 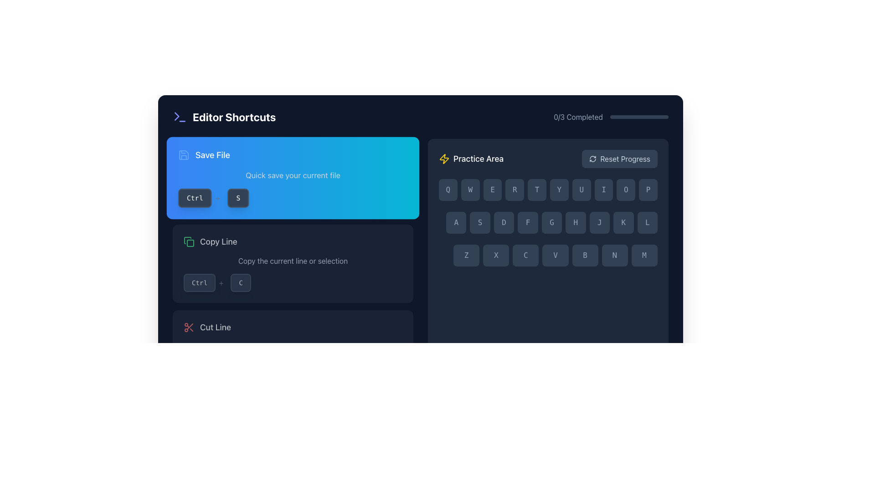 What do you see at coordinates (623, 223) in the screenshot?
I see `the virtual key labeled 'K', which is the eighth key in a row of nine keys in a grid layout, positioned between the 'J' key and the 'L' key` at bounding box center [623, 223].